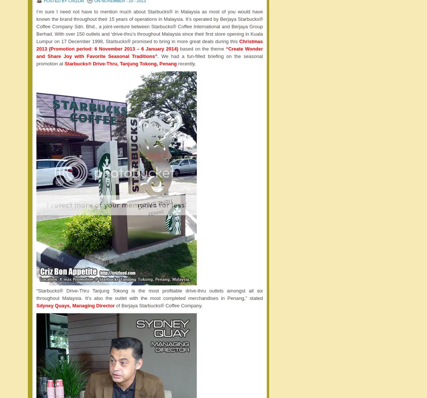 Image resolution: width=427 pixels, height=398 pixels. Describe the element at coordinates (149, 52) in the screenshot. I see `'“Create Wonder and Share Joy with Favorite Seasonal Traditions”'` at that location.